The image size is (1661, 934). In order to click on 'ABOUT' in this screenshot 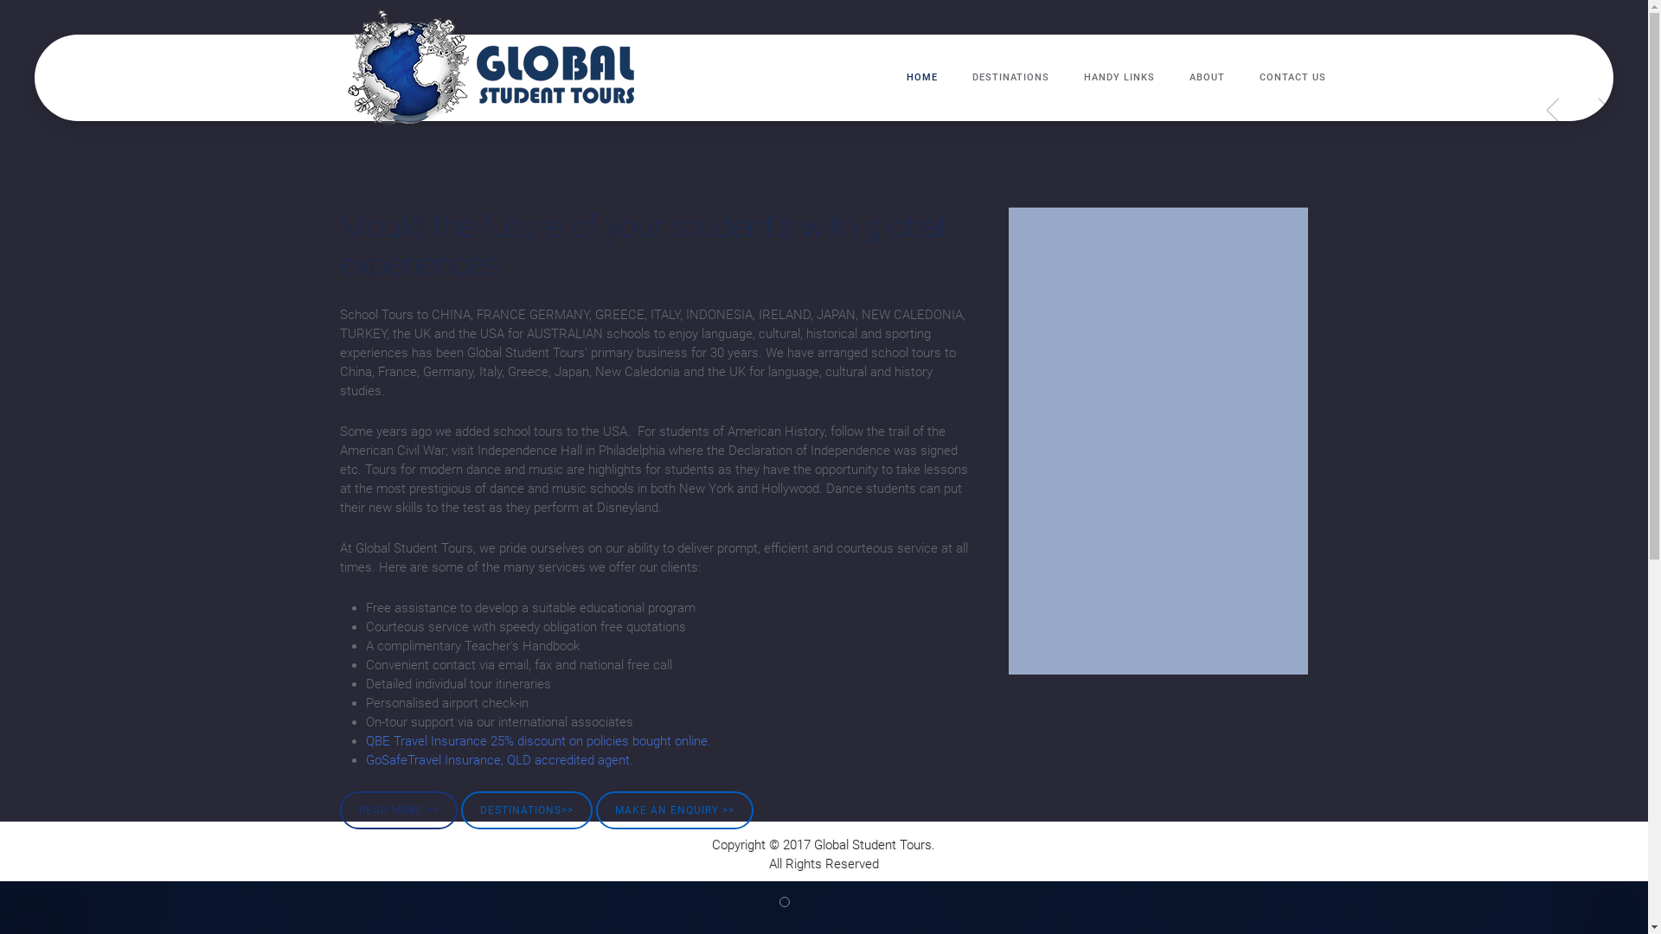, I will do `click(1205, 76)`.